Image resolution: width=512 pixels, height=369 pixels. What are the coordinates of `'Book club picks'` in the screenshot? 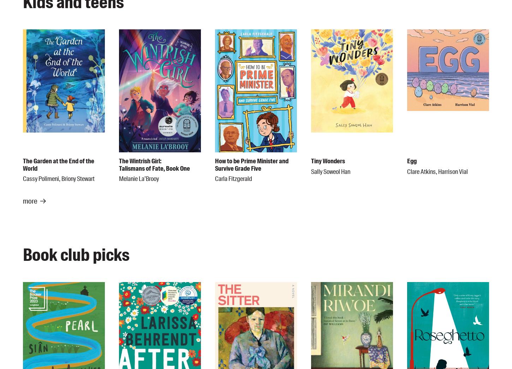 It's located at (76, 255).